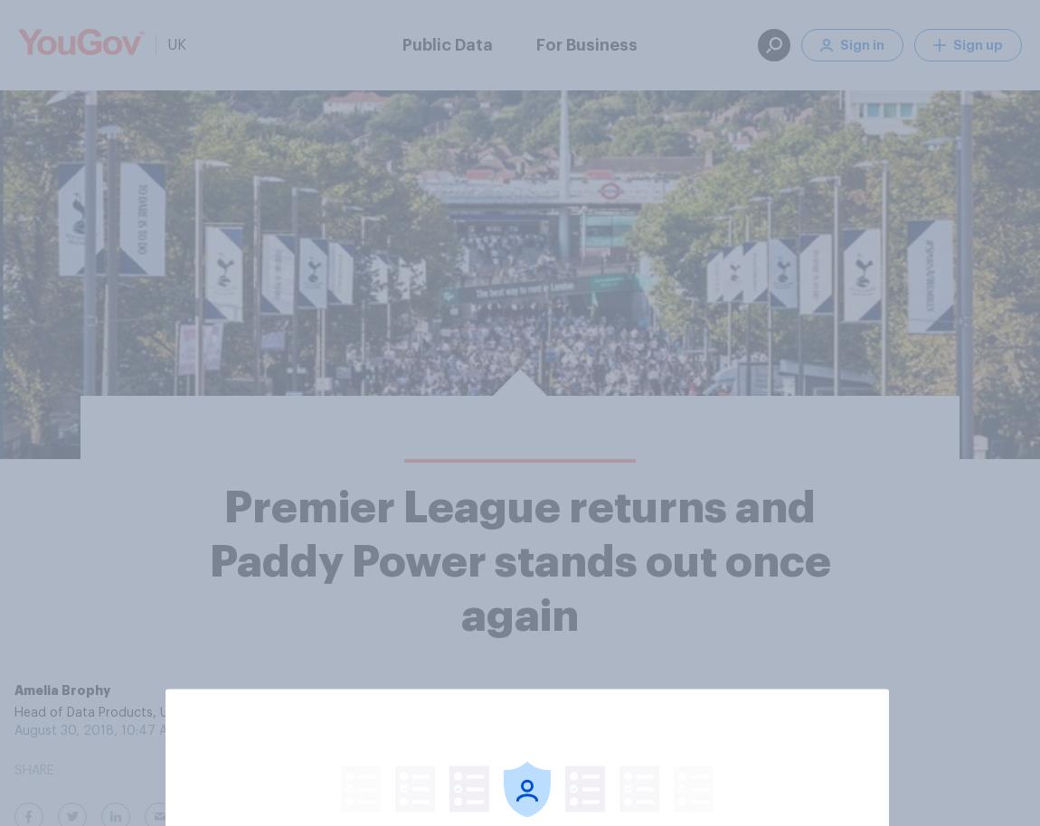 The image size is (1040, 826). Describe the element at coordinates (519, 560) in the screenshot. I see `'Premier League returns and Paddy Power stands out once again'` at that location.